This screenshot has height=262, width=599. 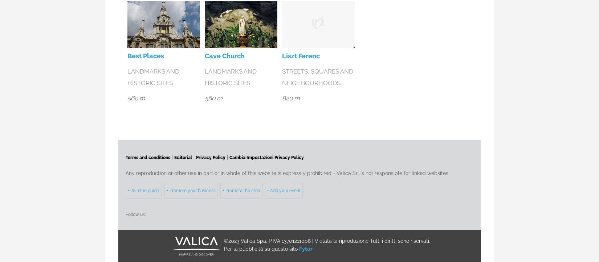 I want to click on 'Liszt Ferenc', so click(x=300, y=56).